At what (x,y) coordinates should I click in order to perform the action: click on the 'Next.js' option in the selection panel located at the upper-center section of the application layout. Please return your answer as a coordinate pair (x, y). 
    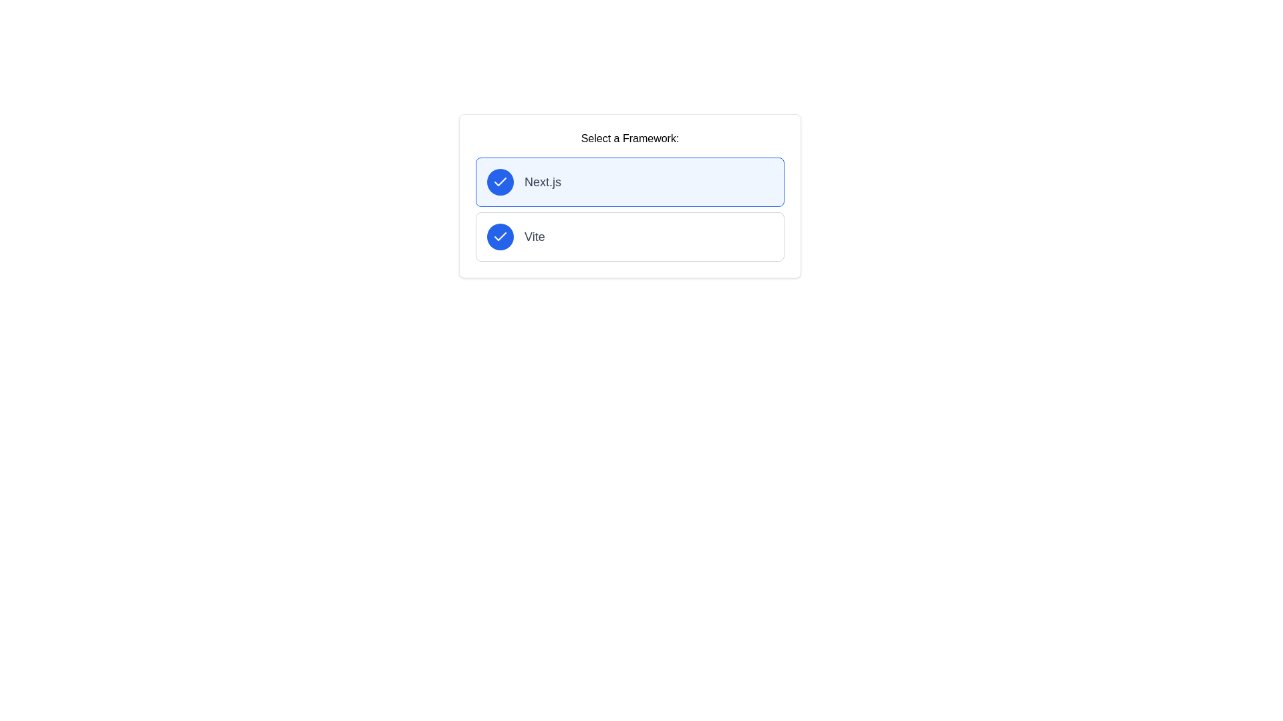
    Looking at the image, I should click on (629, 196).